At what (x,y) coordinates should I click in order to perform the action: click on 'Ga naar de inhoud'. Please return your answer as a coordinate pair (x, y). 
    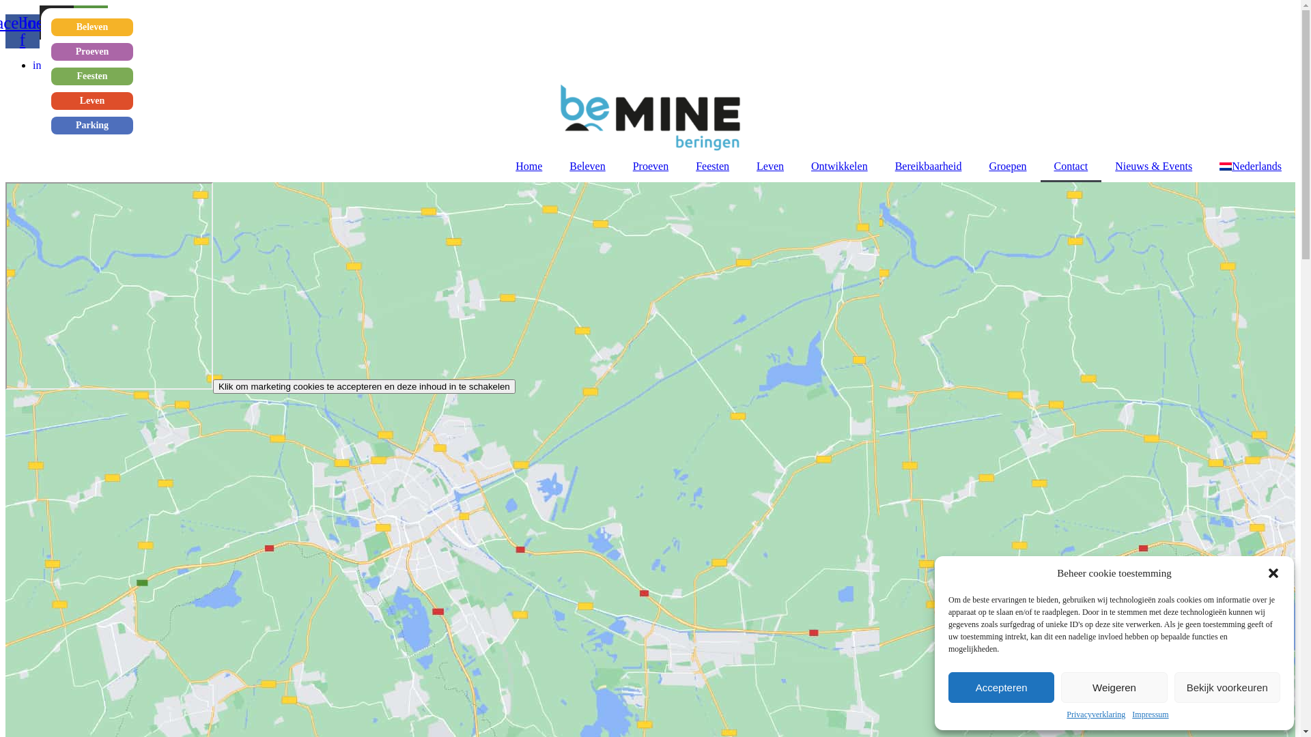
    Looking at the image, I should click on (5, 5).